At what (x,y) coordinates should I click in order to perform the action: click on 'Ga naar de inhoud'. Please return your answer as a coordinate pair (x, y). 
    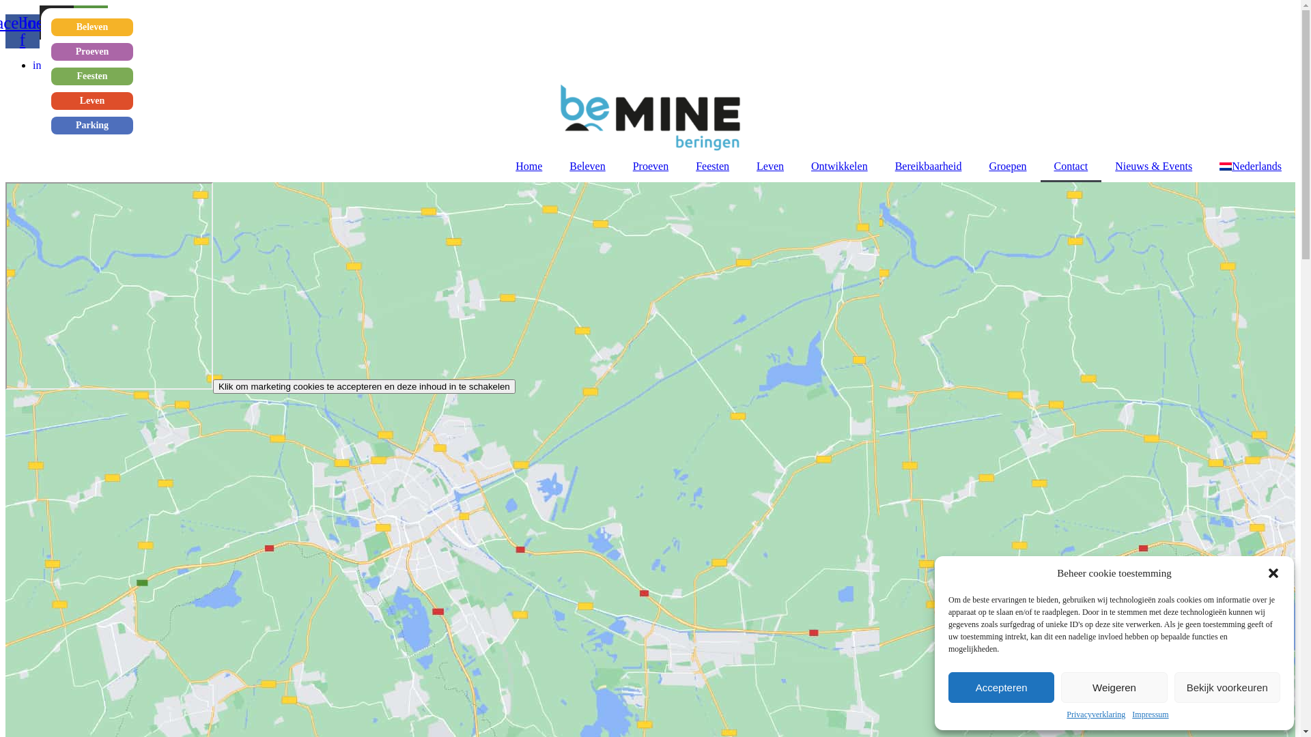
    Looking at the image, I should click on (5, 5).